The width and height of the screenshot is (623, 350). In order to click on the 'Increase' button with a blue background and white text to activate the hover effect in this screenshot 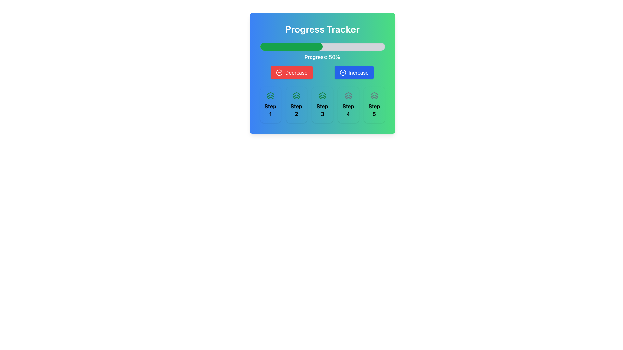, I will do `click(354, 72)`.